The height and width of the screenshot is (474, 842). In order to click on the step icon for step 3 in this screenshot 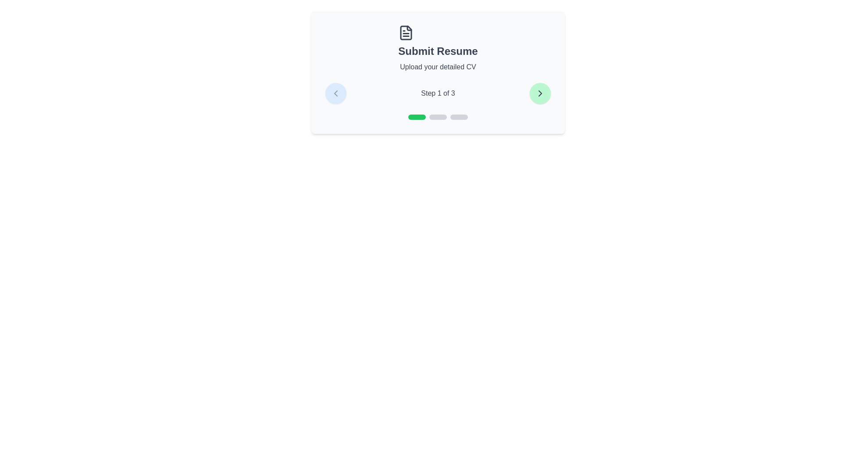, I will do `click(458, 116)`.